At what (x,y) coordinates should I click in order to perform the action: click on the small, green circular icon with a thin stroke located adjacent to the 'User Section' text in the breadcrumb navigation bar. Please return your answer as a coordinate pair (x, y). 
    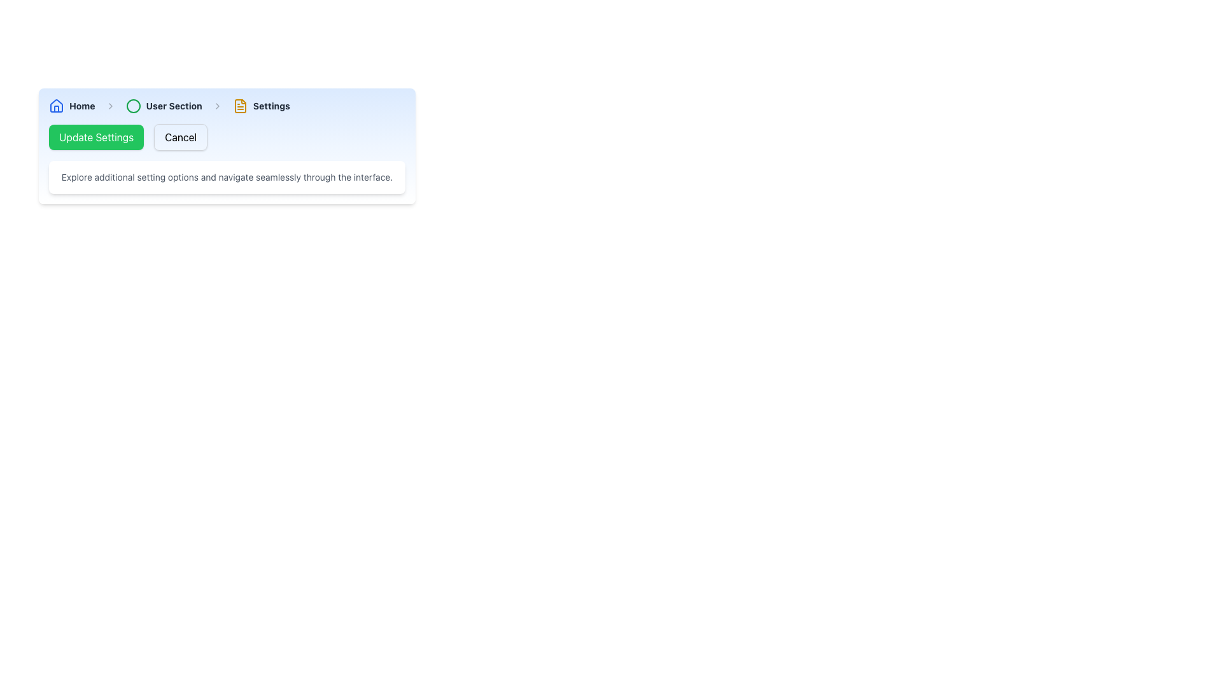
    Looking at the image, I should click on (133, 105).